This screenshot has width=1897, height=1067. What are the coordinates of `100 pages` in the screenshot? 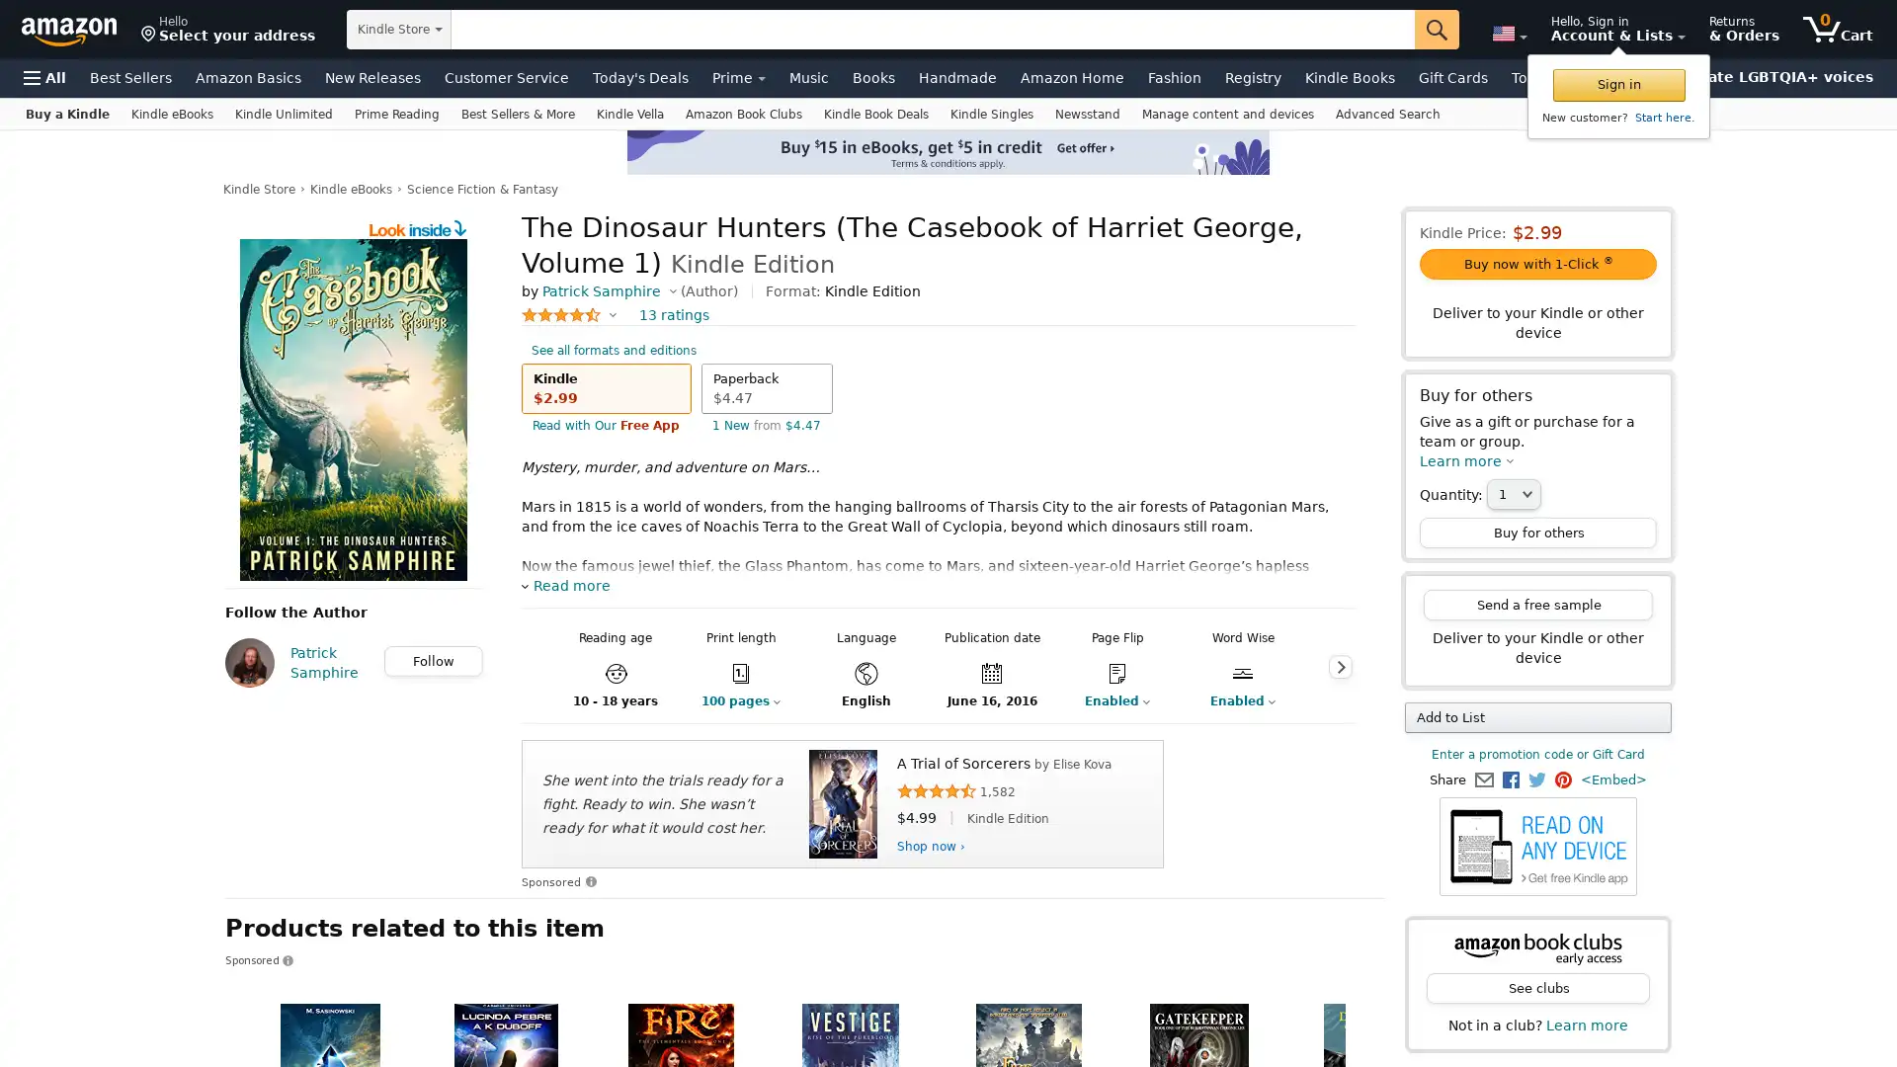 It's located at (739, 699).